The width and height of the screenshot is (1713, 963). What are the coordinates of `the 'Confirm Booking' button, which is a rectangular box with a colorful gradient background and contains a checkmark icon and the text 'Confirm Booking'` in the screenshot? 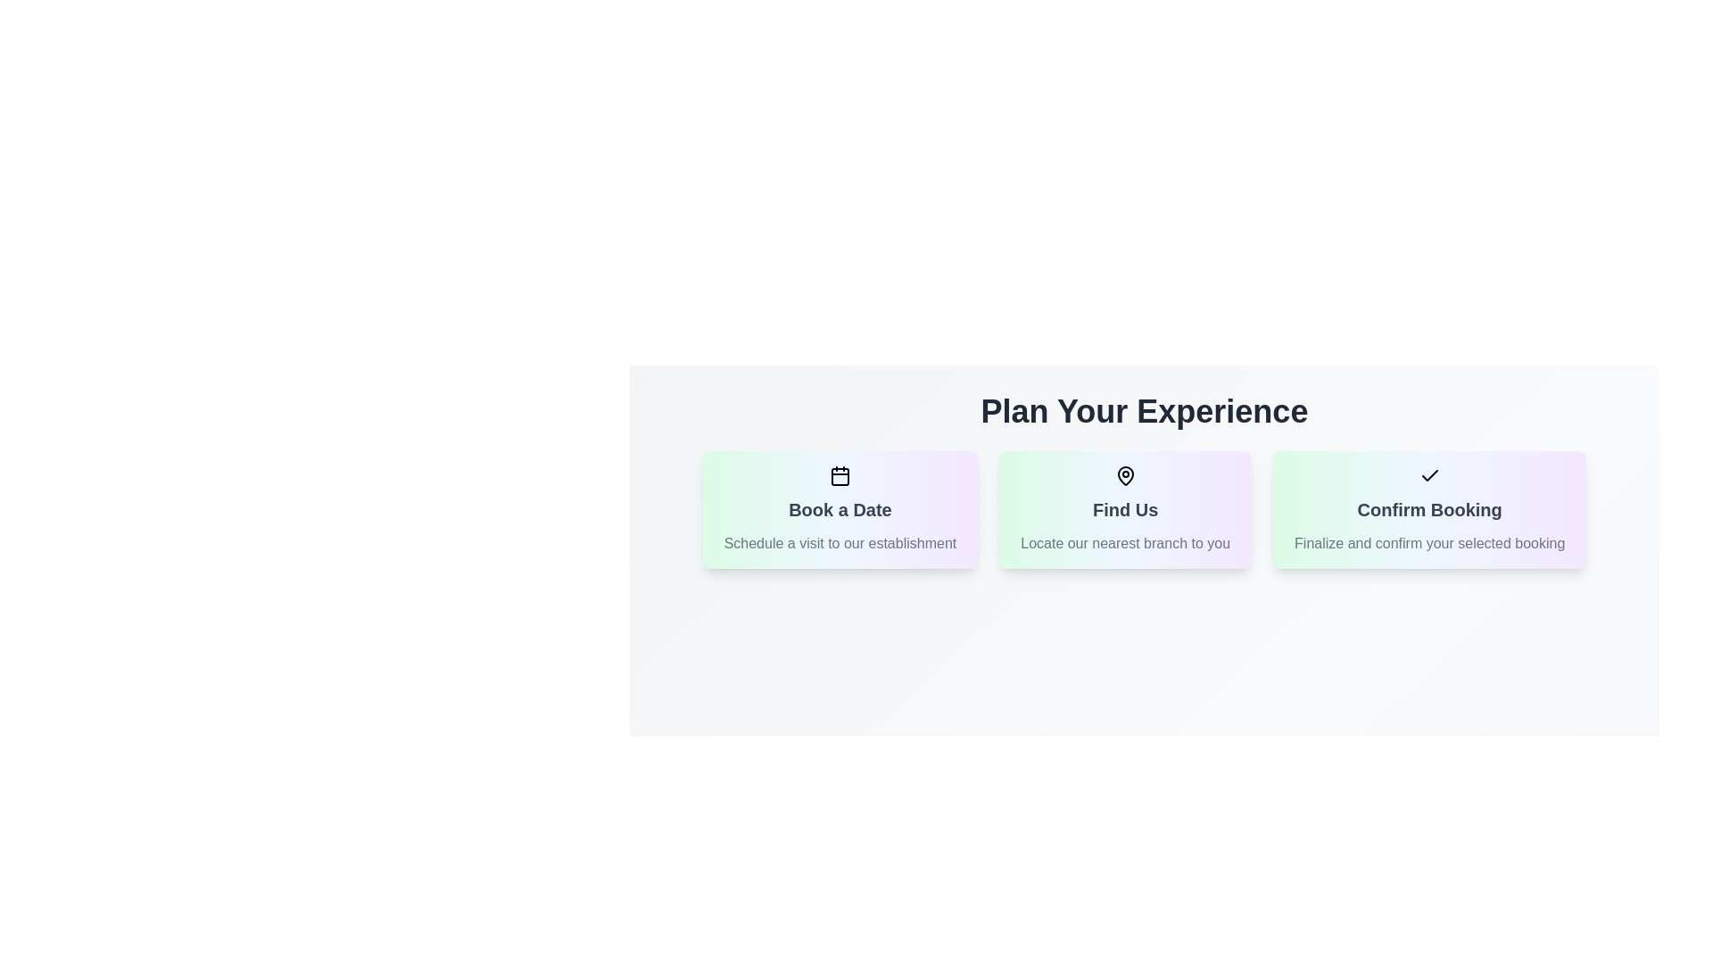 It's located at (1429, 509).